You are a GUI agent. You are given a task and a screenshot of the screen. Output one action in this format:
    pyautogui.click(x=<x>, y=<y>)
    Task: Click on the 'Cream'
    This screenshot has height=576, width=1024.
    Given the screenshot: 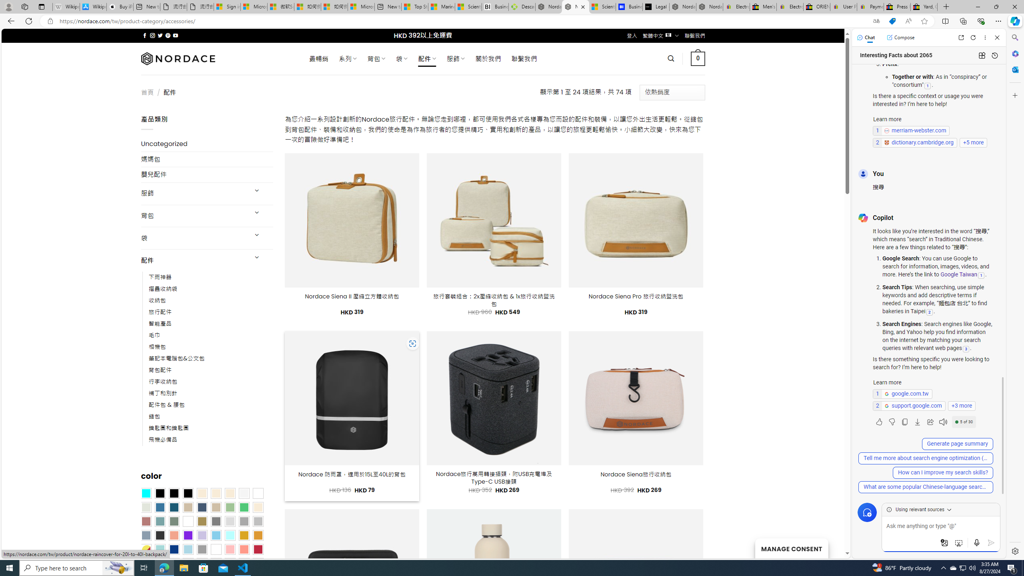 What is the action you would take?
    pyautogui.click(x=230, y=493)
    